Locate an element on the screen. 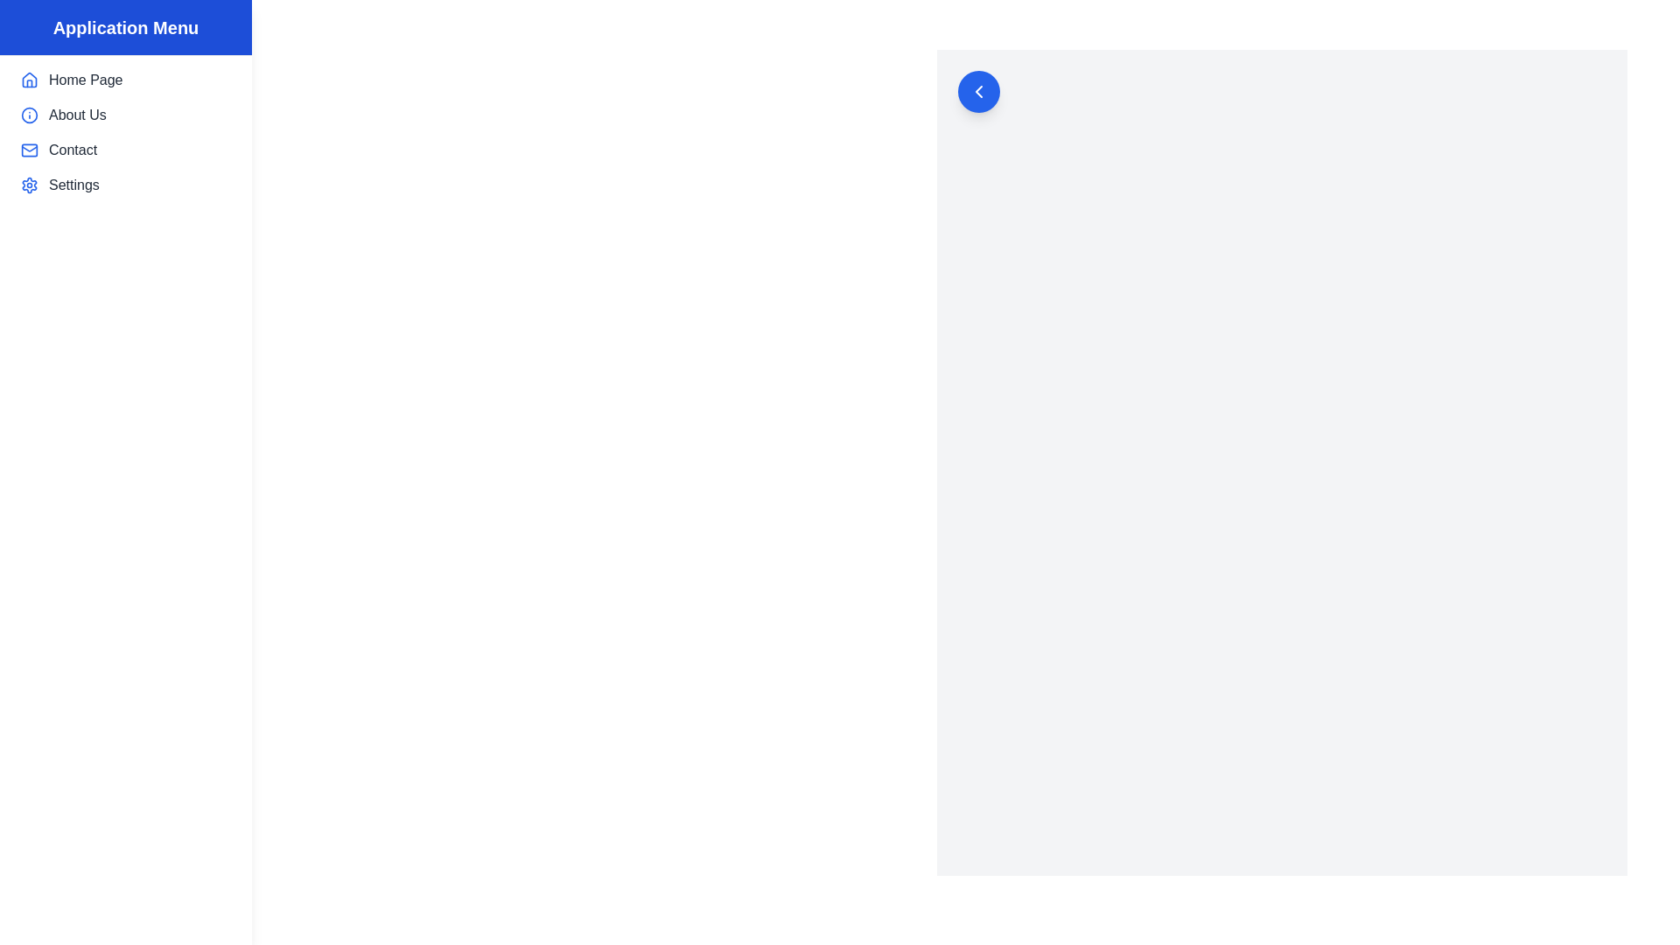  the 'Contact' menu item icon, which is located in the third row of the vertical menu, positioned to the left of the 'Contact' label, below 'About Us', and above 'Settings' is located at coordinates (29, 150).